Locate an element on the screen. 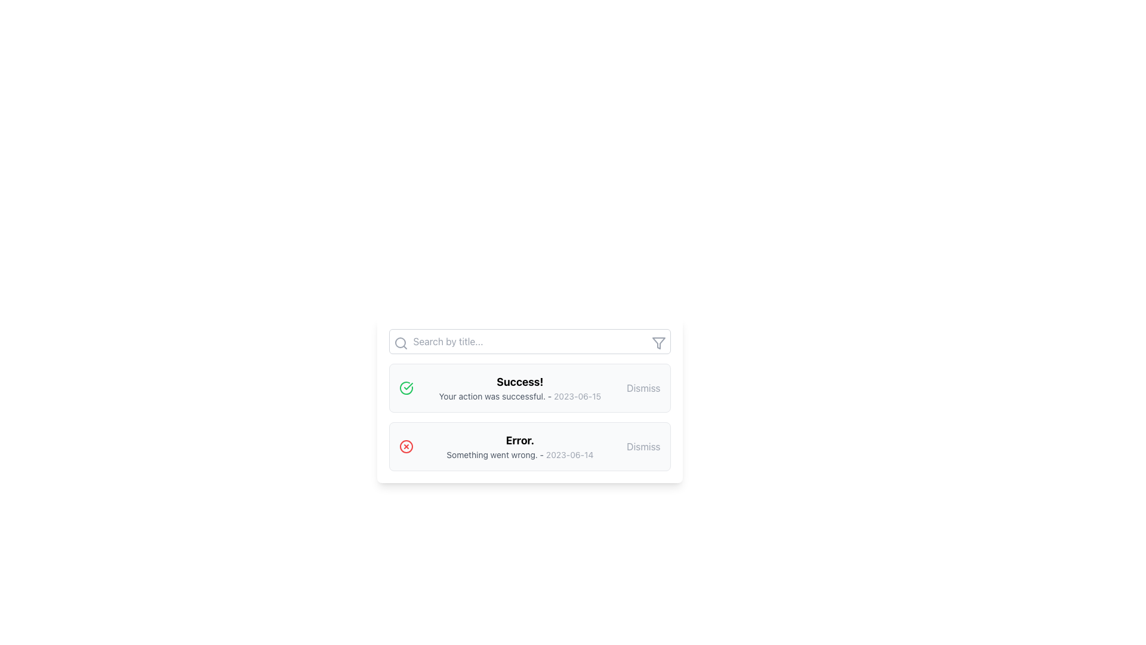  the first Notification card in the list is located at coordinates (529, 400).